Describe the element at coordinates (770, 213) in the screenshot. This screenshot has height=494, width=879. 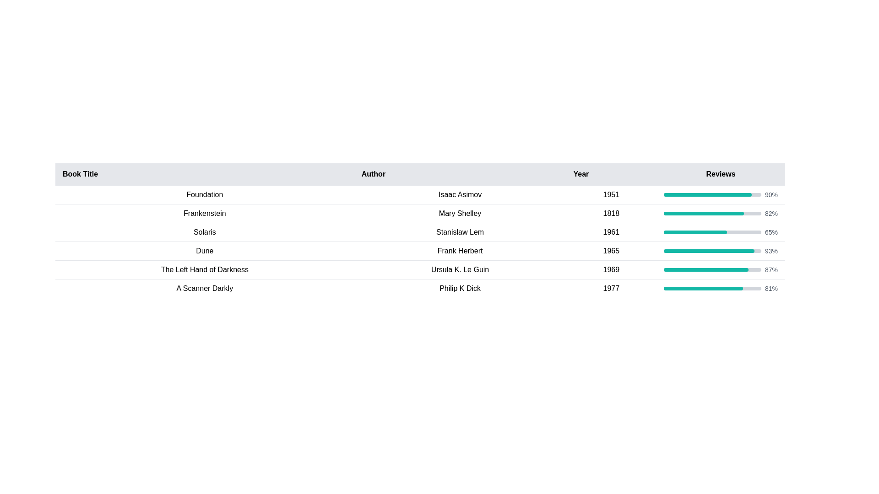
I see `the static text label displaying '82%' in gray font, located at the far-right of the 'Frankenstein' row under the 'Reviews' column` at that location.